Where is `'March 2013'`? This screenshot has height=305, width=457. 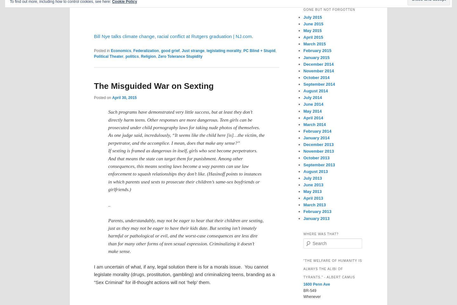
'March 2013' is located at coordinates (314, 204).